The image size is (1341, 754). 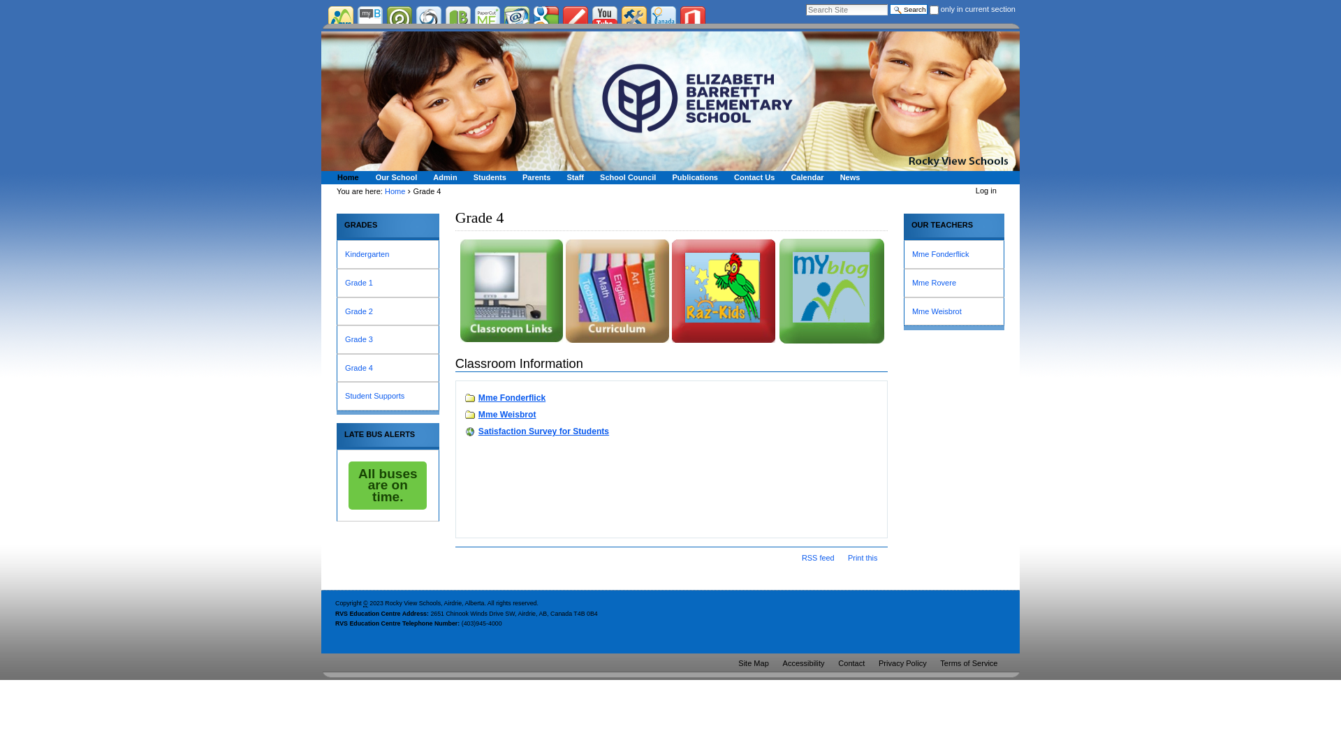 What do you see at coordinates (386, 18) in the screenshot?
I see `'Power School'` at bounding box center [386, 18].